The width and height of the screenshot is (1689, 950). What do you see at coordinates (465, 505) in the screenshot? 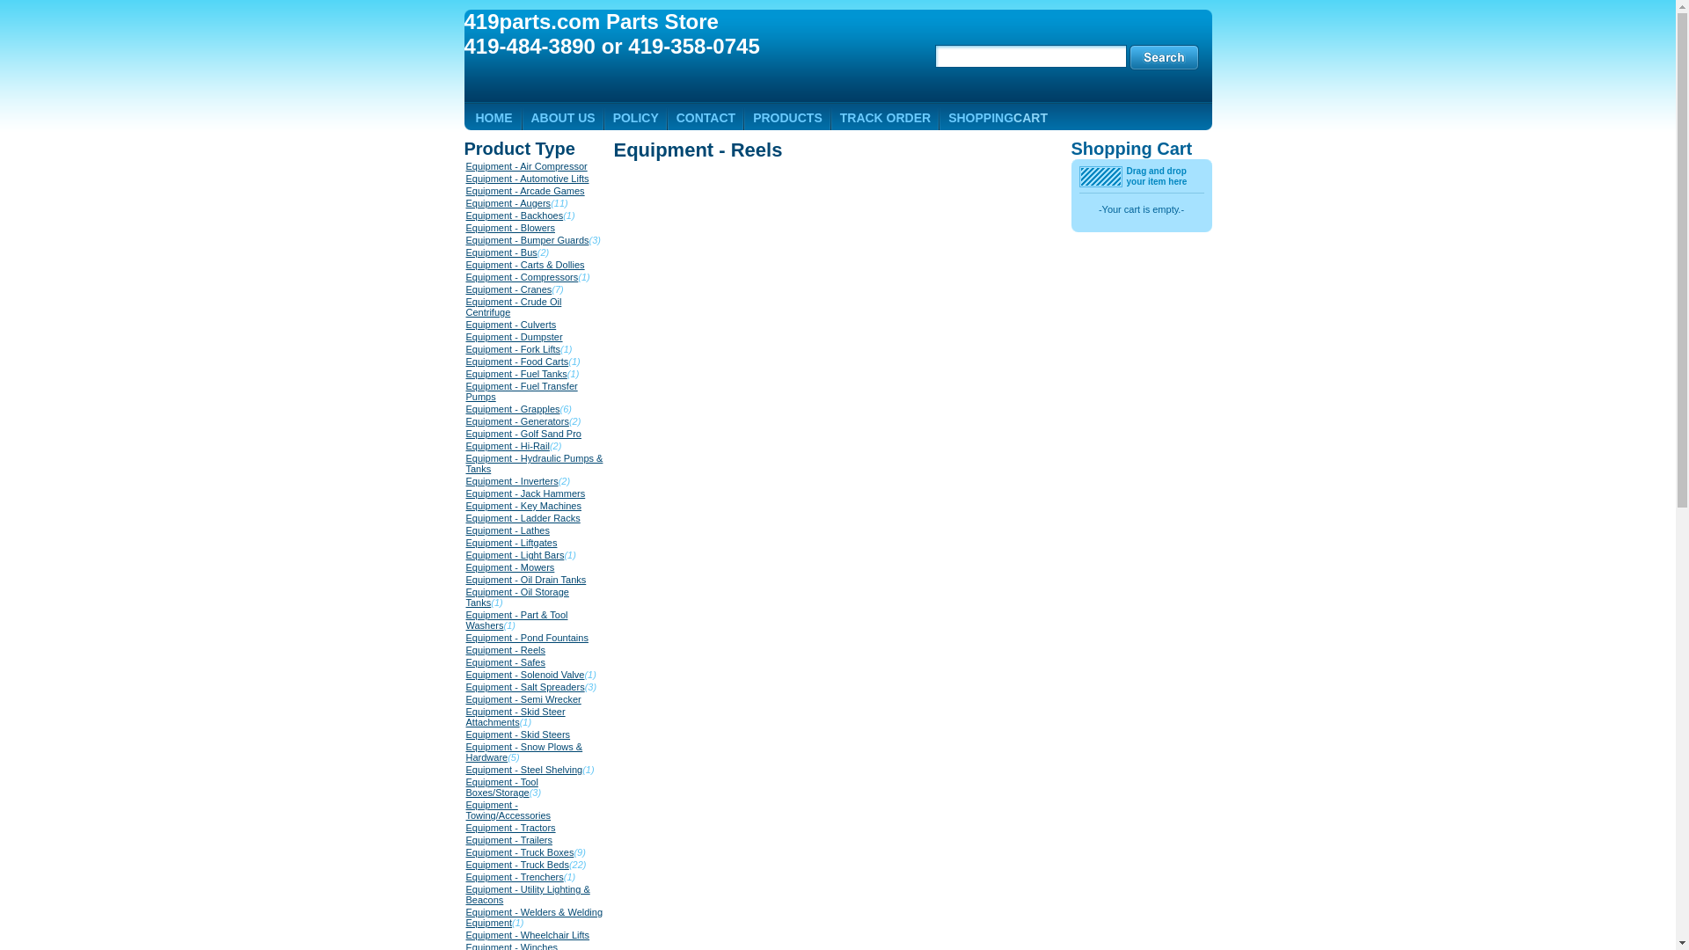
I see `'Equipment - Key Machines'` at bounding box center [465, 505].